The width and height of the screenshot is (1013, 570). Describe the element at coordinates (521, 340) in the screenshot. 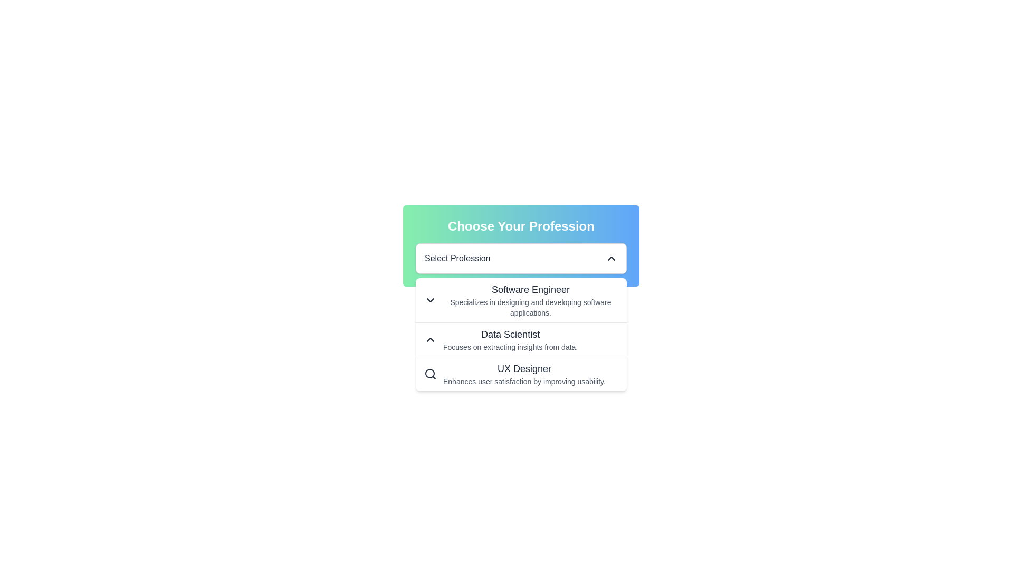

I see `the 'Data Scientist' option in the dropdown menu, which is the second item in the list between 'Software Engineer' and 'UX Designer'` at that location.